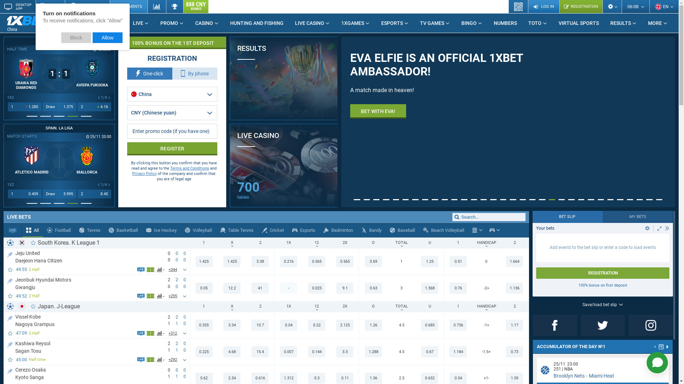  What do you see at coordinates (198, 230) in the screenshot?
I see `'Volleyball'` at bounding box center [198, 230].